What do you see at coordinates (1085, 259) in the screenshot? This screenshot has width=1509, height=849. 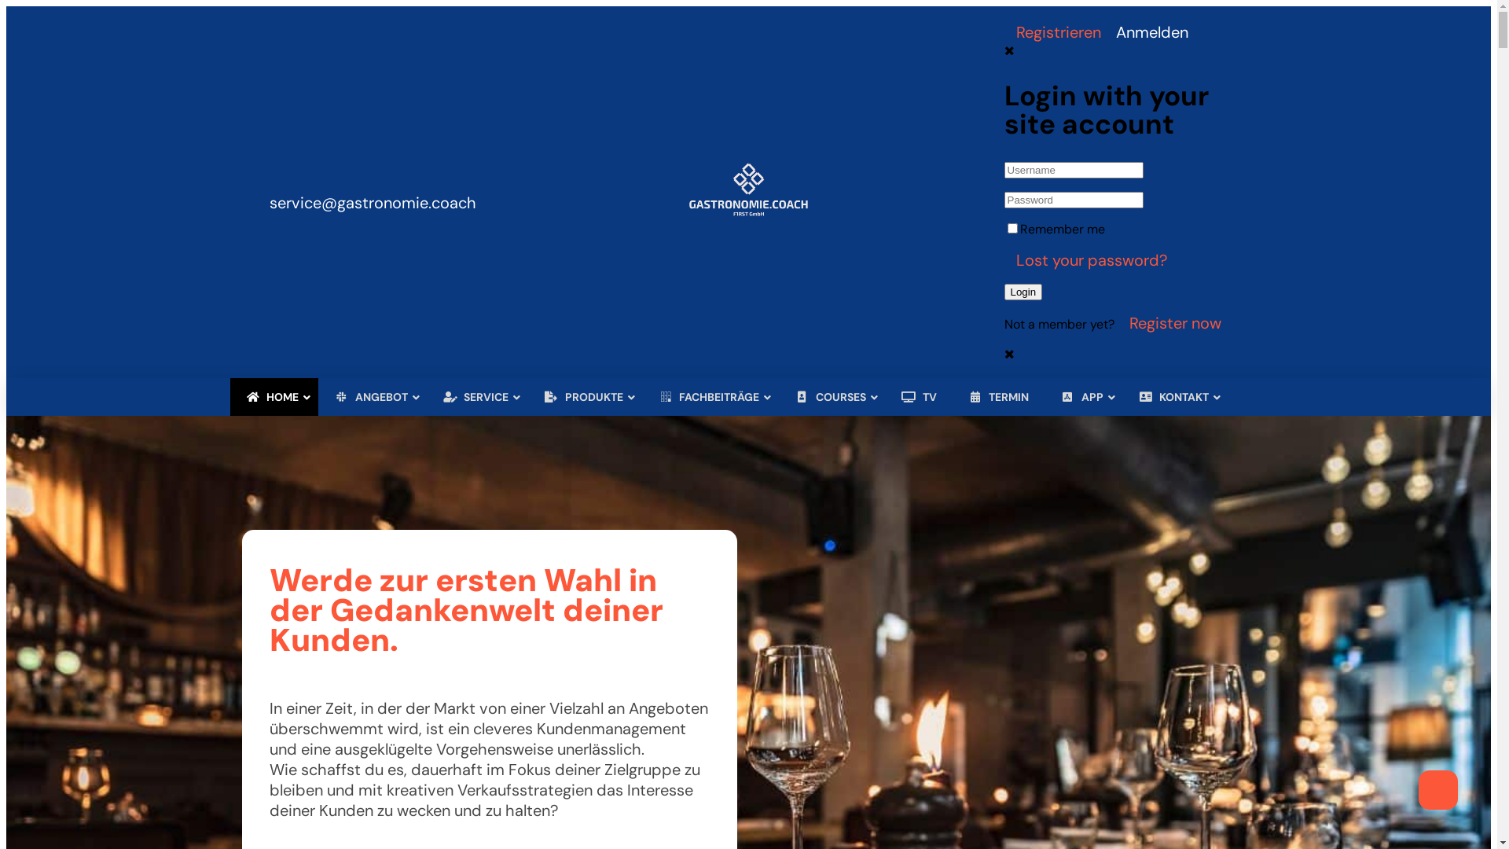 I see `'Lost your password?'` at bounding box center [1085, 259].